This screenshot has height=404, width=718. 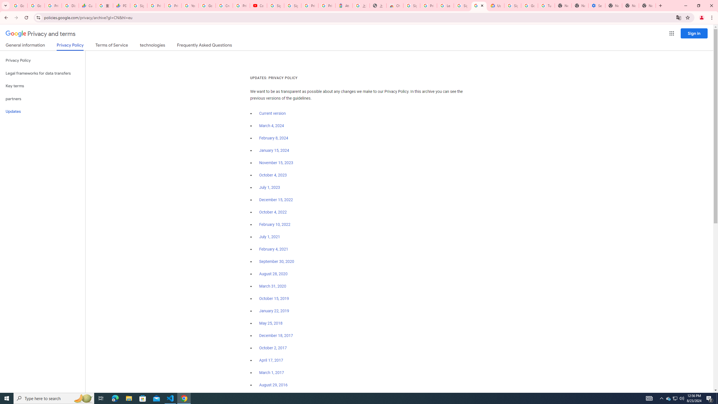 I want to click on 'New Tab', so click(x=647, y=5).